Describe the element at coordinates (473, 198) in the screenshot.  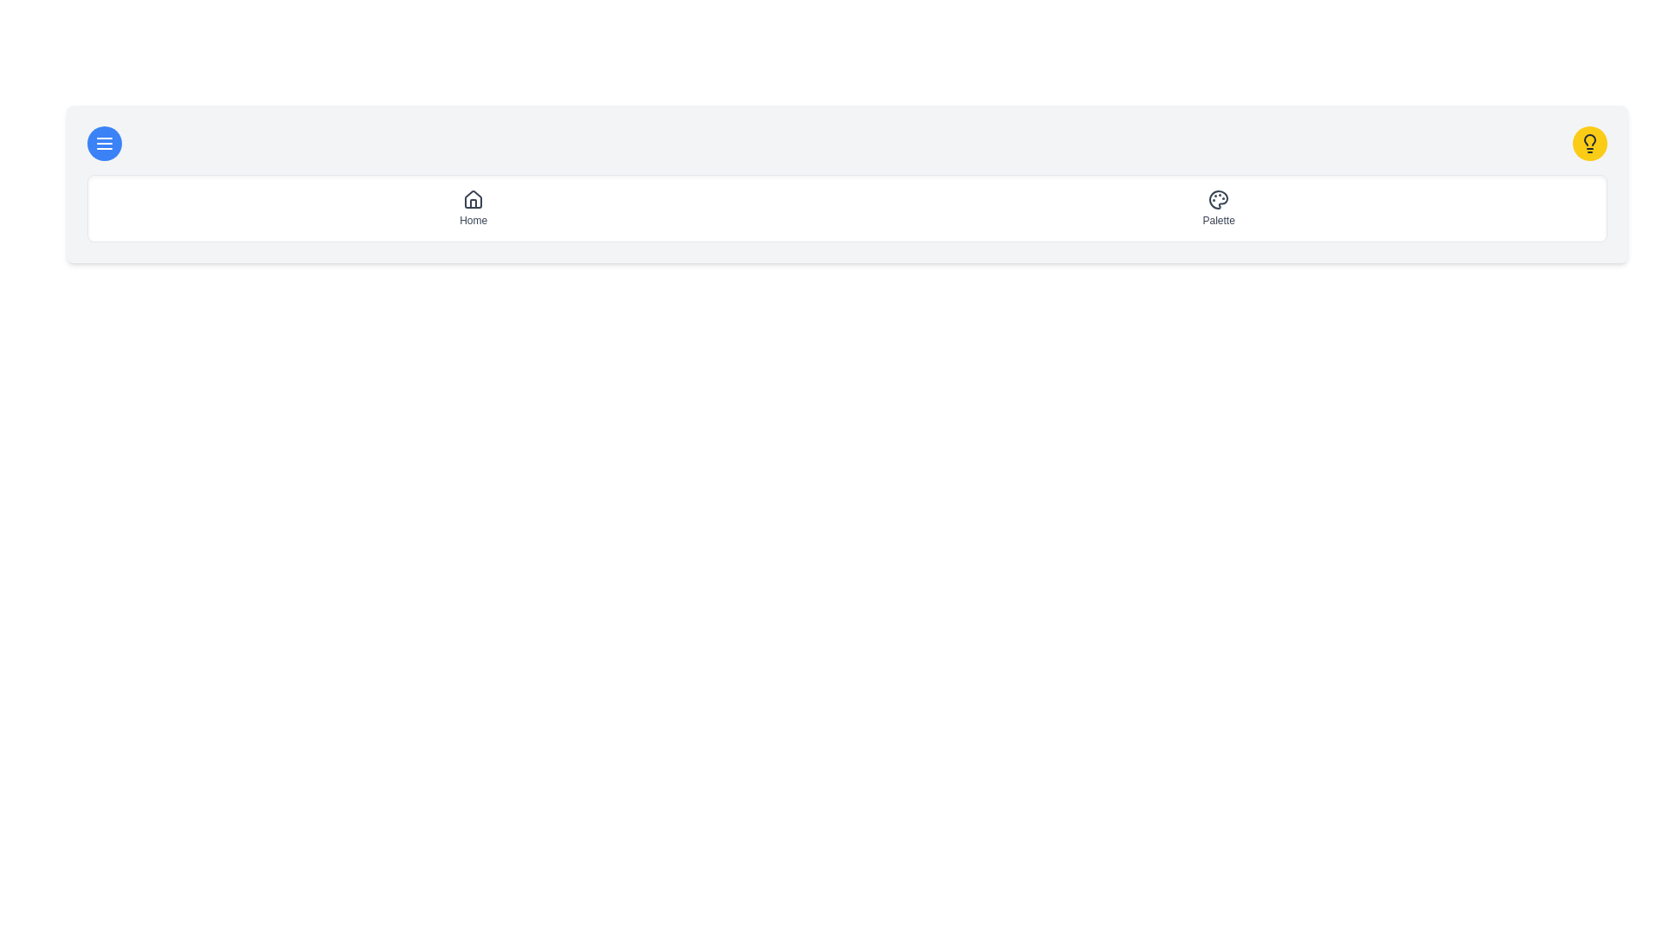
I see `the stylized house icon located in the top navigation bar` at that location.